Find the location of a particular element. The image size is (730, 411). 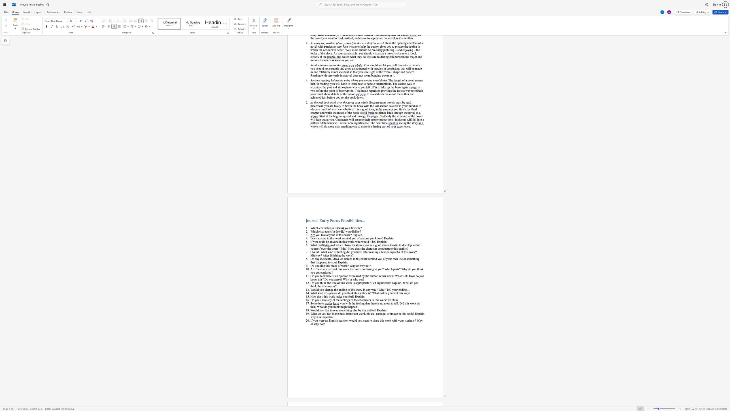

the subset text "te" within the text "appropriate" is located at coordinates (367, 283).